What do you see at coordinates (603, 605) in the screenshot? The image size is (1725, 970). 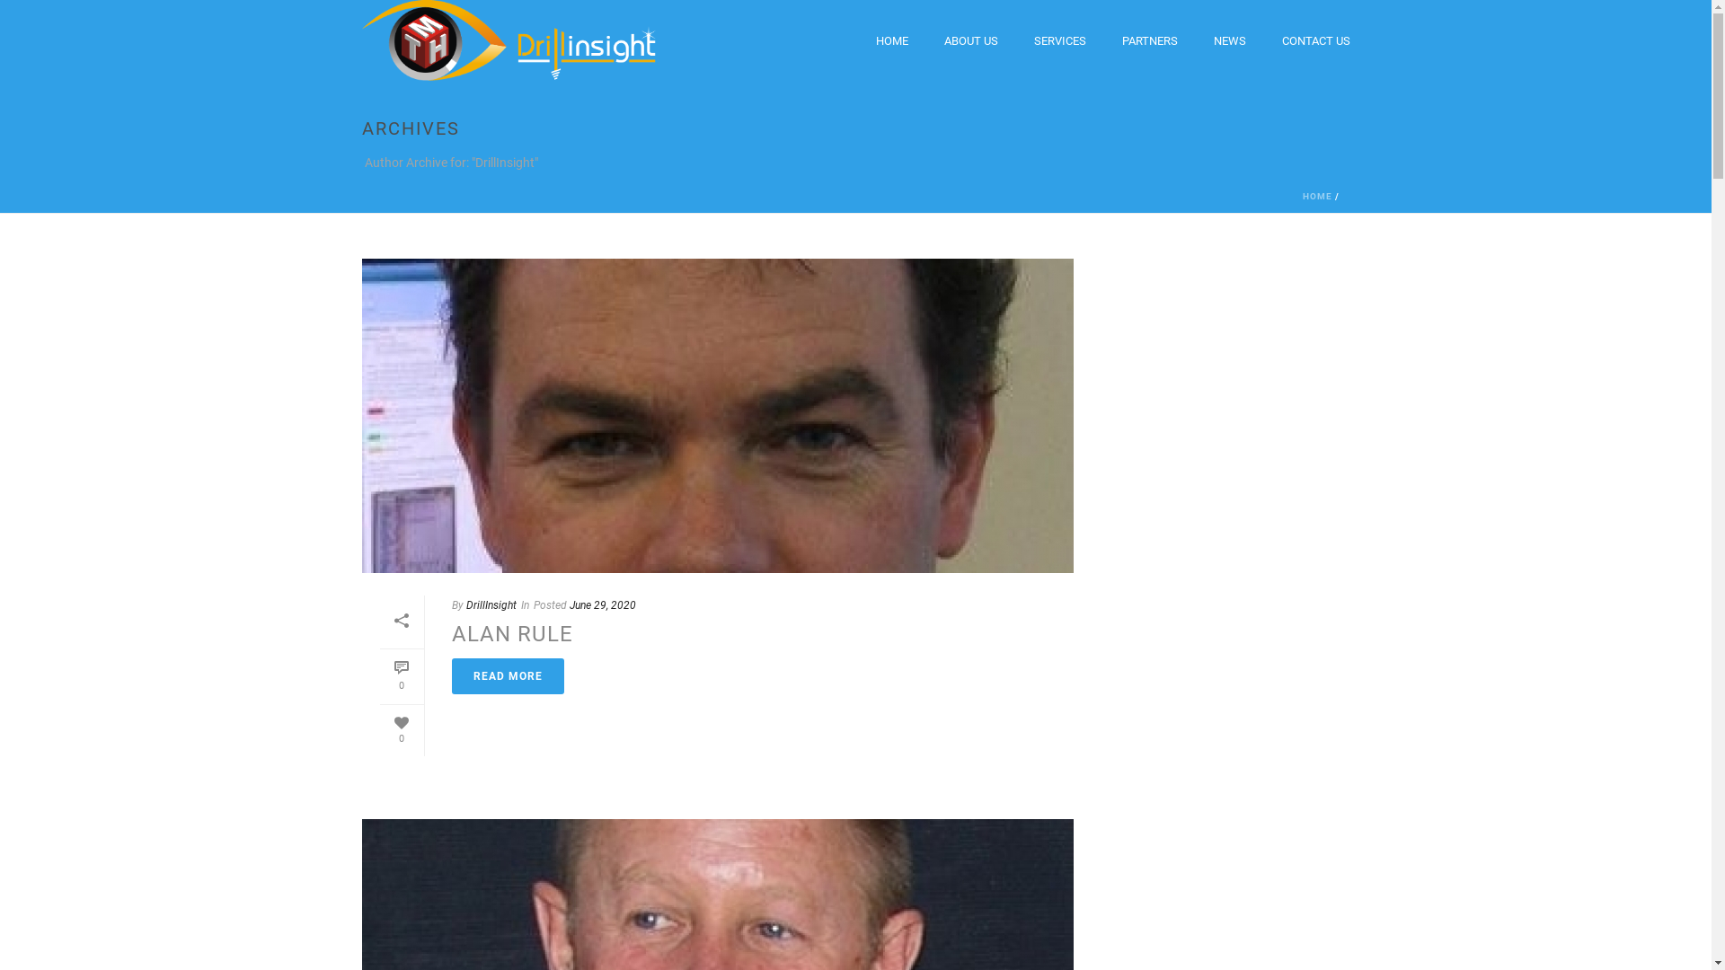 I see `'June 29, 2020'` at bounding box center [603, 605].